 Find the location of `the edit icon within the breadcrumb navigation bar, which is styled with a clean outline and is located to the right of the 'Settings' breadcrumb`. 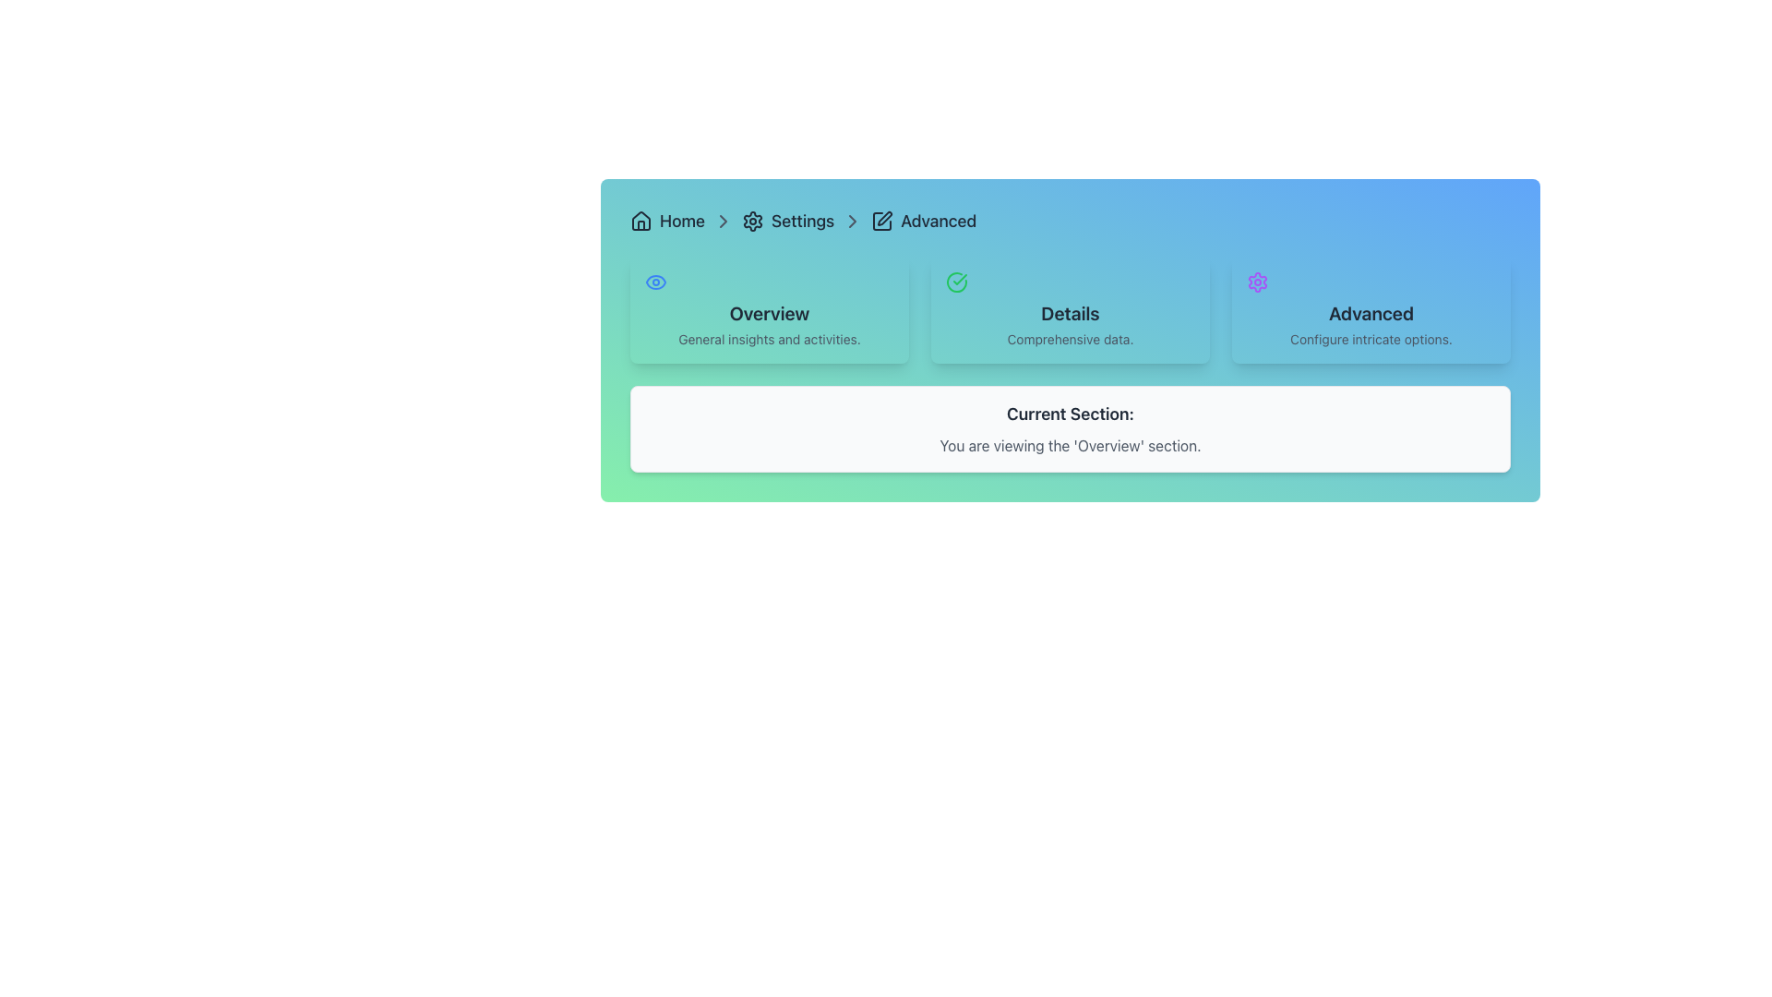

the edit icon within the breadcrumb navigation bar, which is styled with a clean outline and is located to the right of the 'Settings' breadcrumb is located at coordinates (884, 217).